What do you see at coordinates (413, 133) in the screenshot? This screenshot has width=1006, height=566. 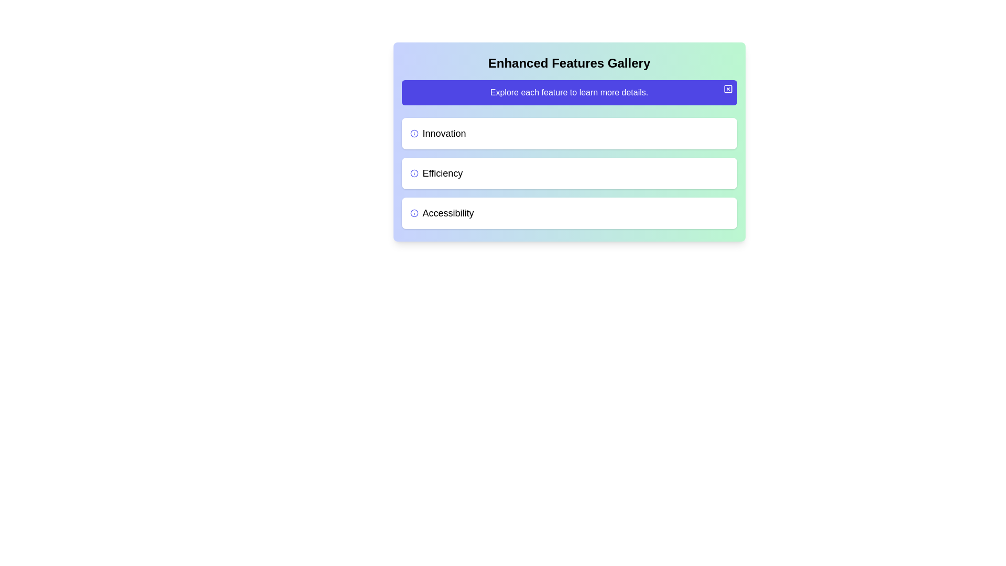 I see `the circular blue icon with an 'i' character located beside the text 'Innovation' in the card layout` at bounding box center [413, 133].